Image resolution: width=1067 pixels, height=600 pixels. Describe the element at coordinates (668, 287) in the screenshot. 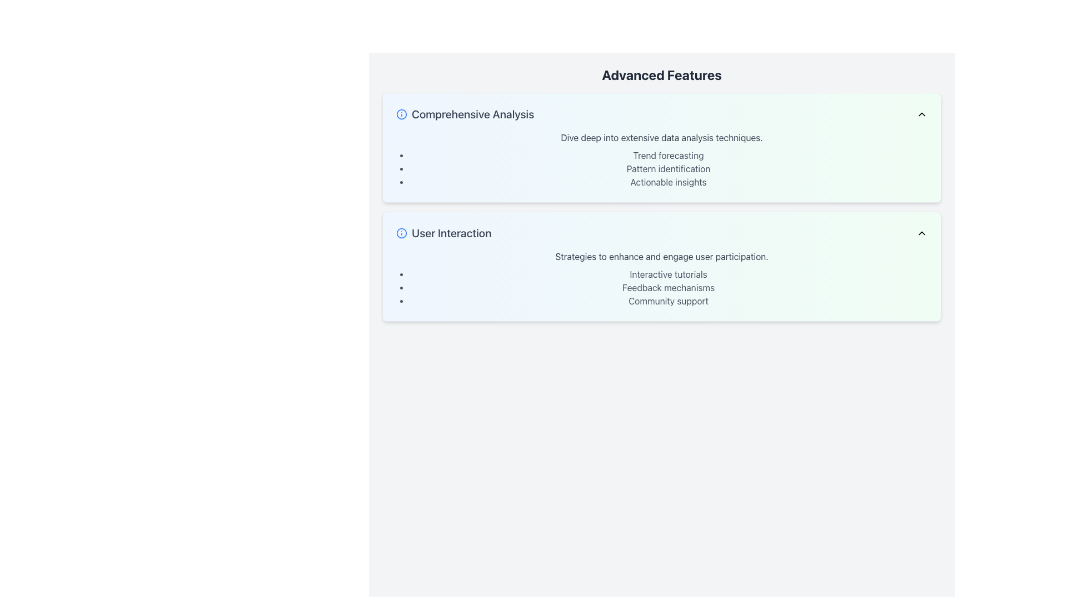

I see `the second Text Label in the 'User Interaction' category, which represents a sub-feature or topic` at that location.